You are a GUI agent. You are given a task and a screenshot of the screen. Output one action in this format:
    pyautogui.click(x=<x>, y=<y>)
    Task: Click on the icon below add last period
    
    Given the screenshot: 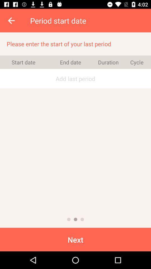 What is the action you would take?
    pyautogui.click(x=82, y=219)
    